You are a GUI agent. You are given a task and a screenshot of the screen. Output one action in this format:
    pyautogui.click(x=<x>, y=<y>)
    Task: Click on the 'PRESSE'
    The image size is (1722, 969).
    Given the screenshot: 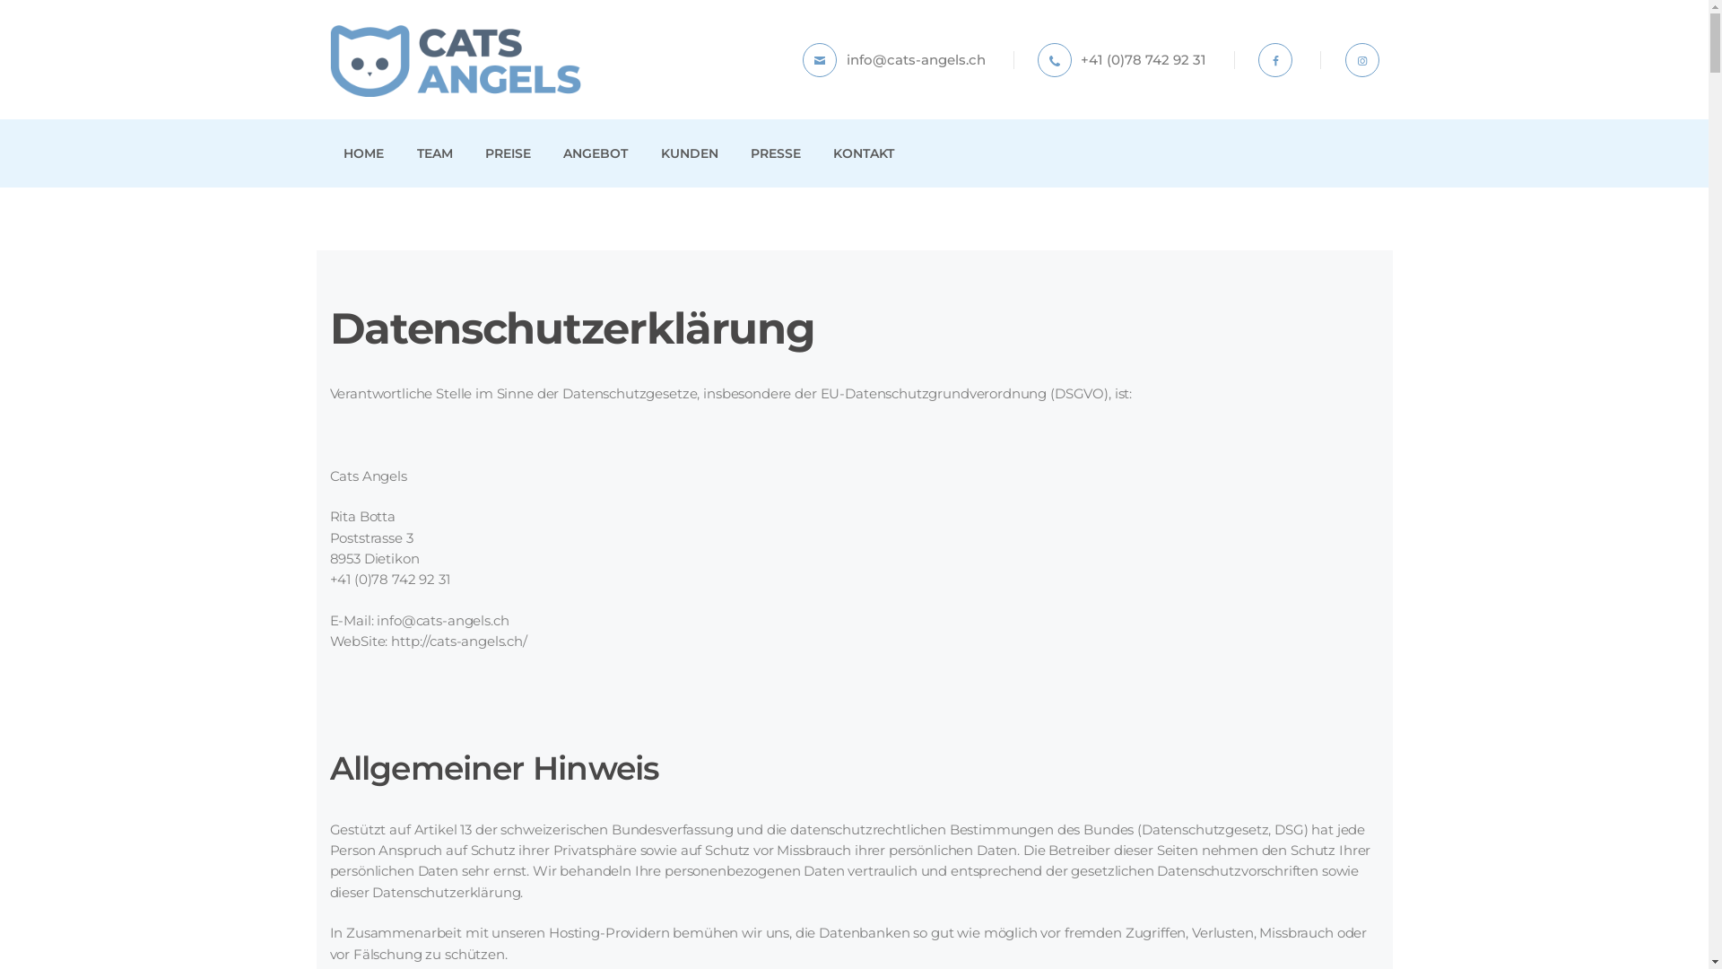 What is the action you would take?
    pyautogui.click(x=735, y=152)
    